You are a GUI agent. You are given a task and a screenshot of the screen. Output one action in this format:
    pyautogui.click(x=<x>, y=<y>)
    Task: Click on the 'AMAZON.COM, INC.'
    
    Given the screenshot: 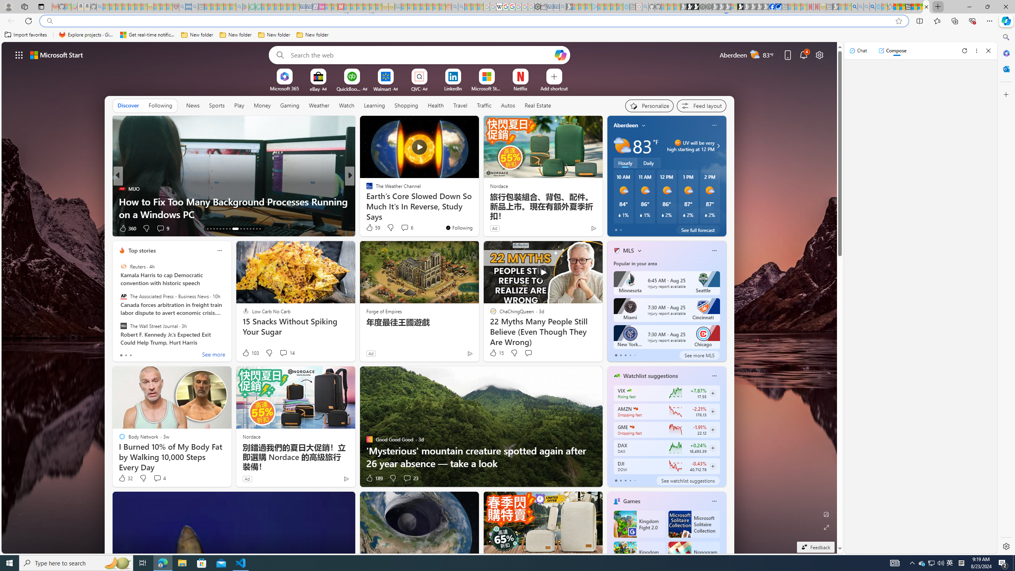 What is the action you would take?
    pyautogui.click(x=635, y=408)
    